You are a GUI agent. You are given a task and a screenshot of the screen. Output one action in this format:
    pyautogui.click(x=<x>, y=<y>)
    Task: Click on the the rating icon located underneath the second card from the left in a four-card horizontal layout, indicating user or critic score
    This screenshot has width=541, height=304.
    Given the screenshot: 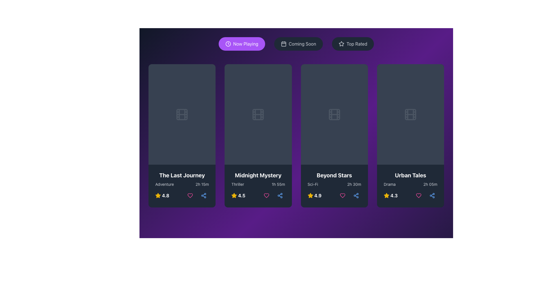 What is the action you would take?
    pyautogui.click(x=158, y=195)
    